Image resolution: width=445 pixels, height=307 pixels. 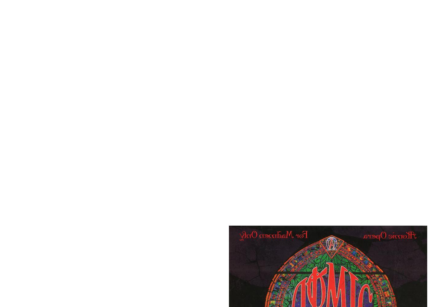 I want to click on 'If you’ve heard', so click(x=43, y=271).